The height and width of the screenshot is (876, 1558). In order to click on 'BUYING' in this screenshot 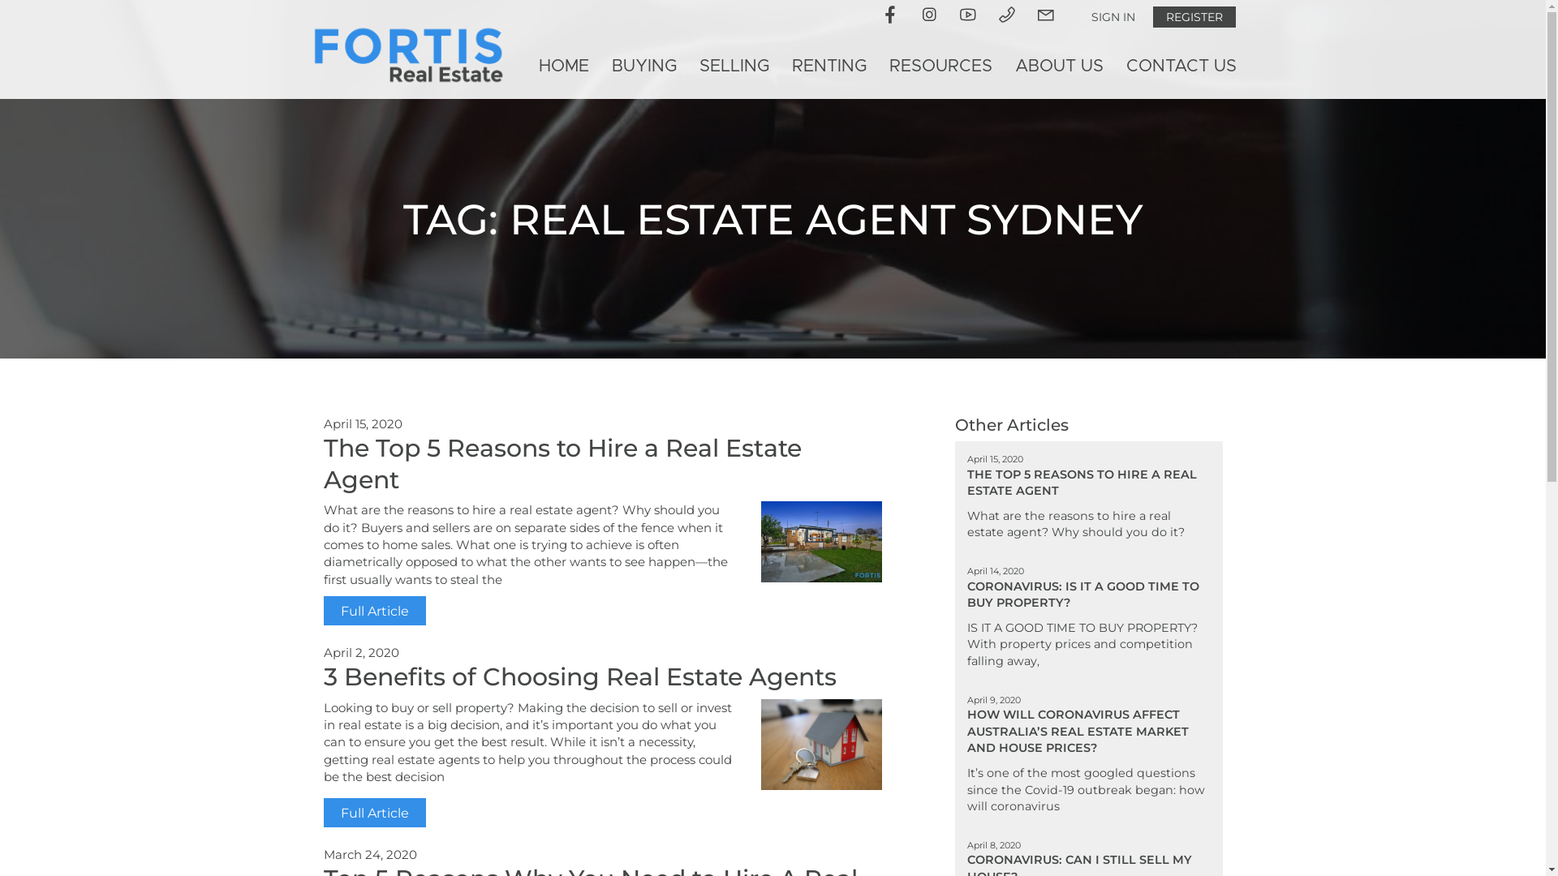, I will do `click(643, 65)`.